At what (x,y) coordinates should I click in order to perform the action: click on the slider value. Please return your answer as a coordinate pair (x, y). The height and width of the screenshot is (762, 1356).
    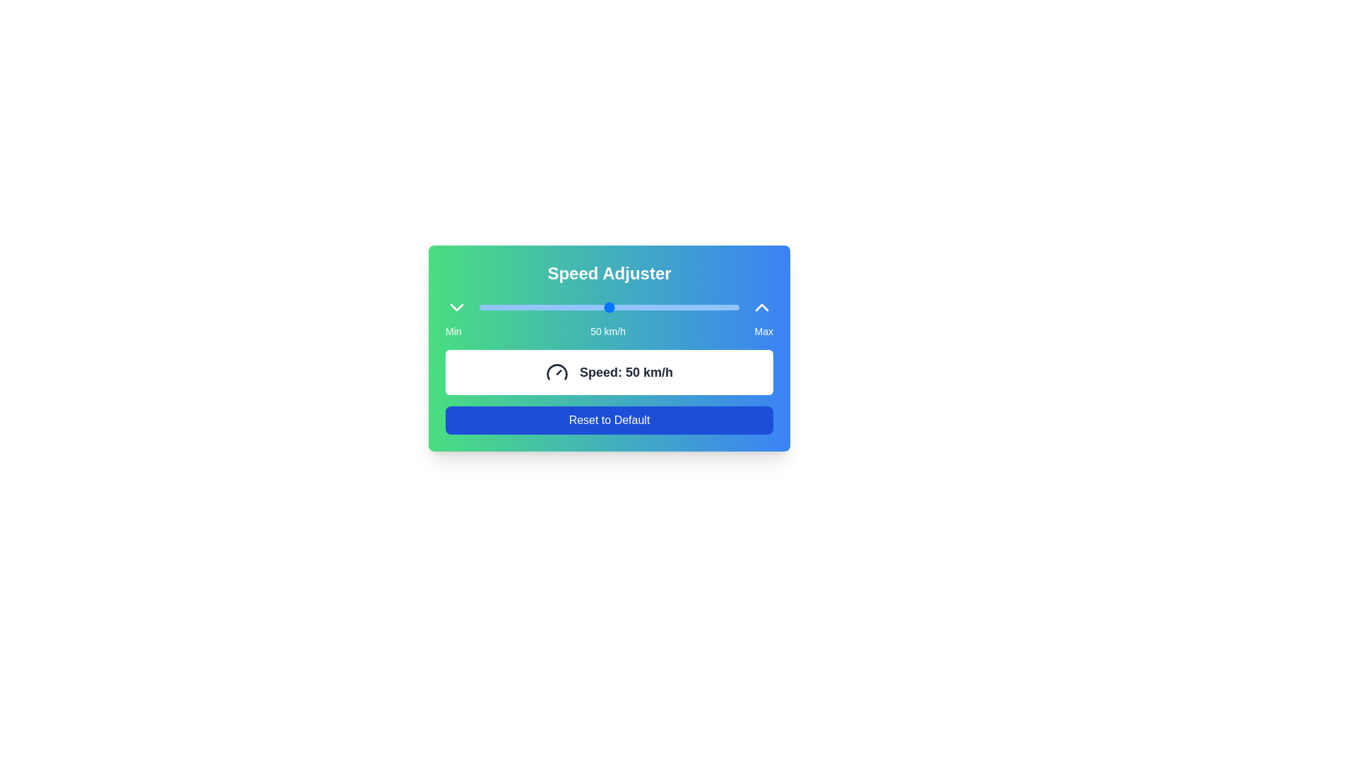
    Looking at the image, I should click on (736, 306).